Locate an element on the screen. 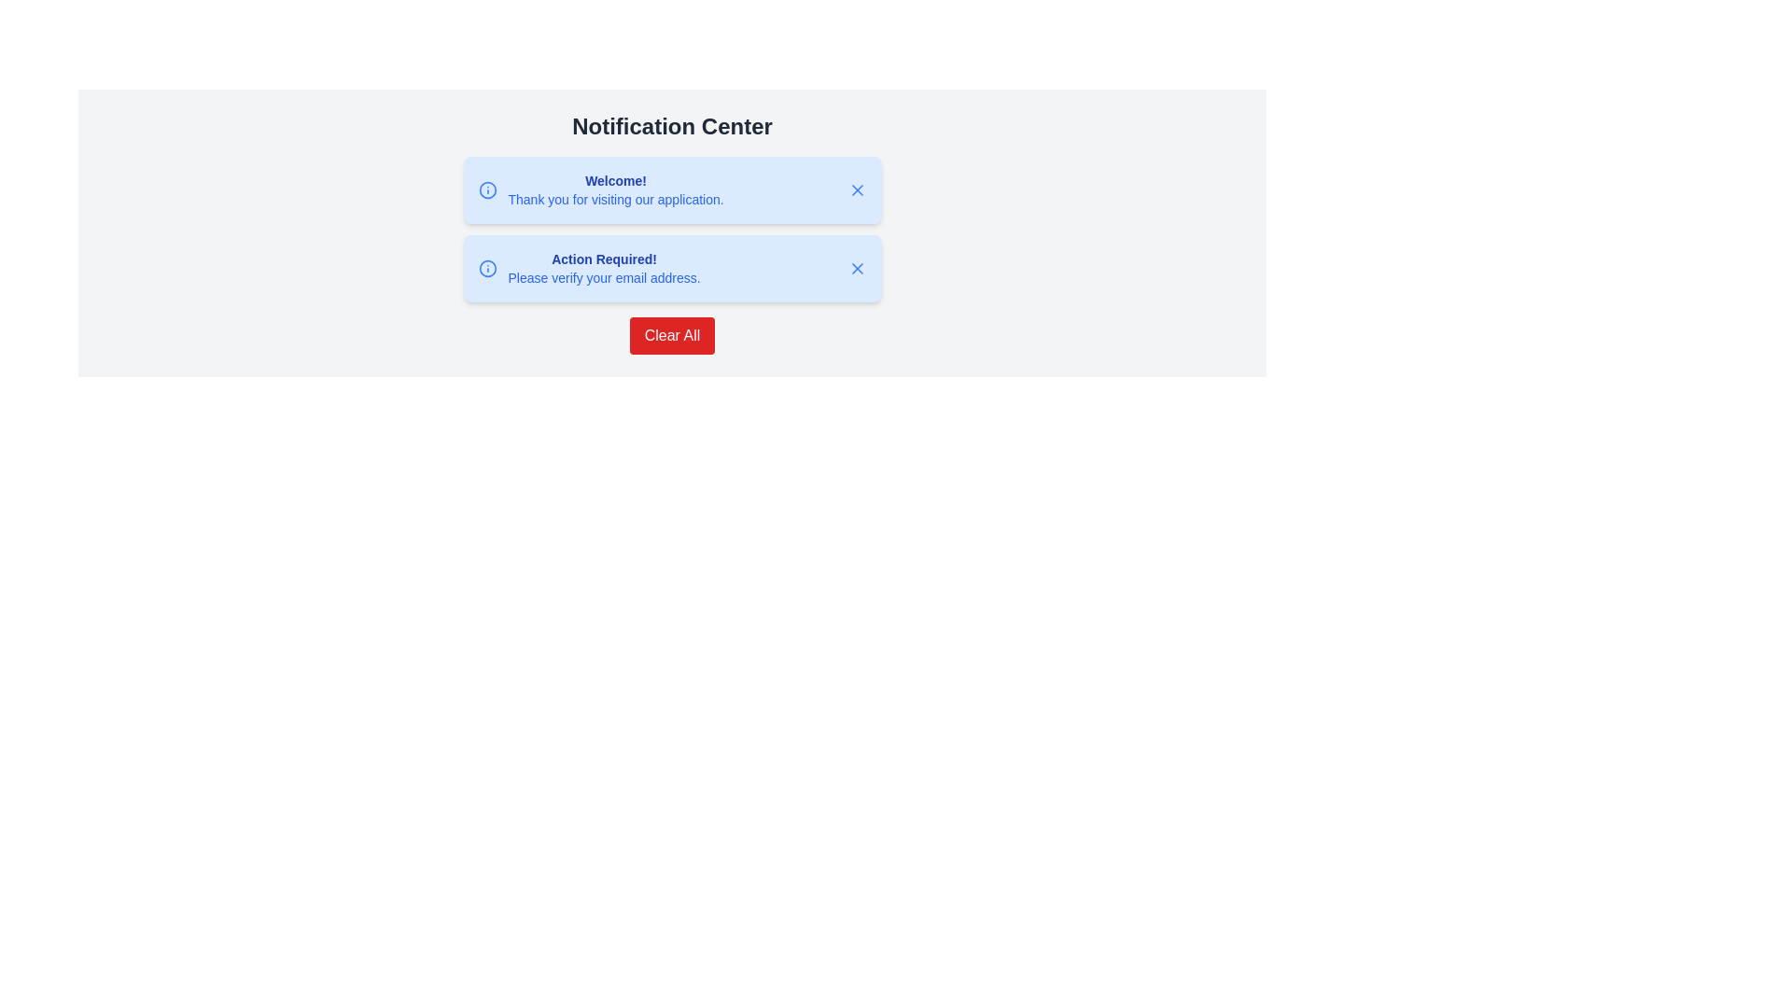 This screenshot has height=1008, width=1792. the Close icon button located on the right side of the 'Action Required!' notification card in the Notification Center to potentially reveal hover effects is located at coordinates (856, 269).